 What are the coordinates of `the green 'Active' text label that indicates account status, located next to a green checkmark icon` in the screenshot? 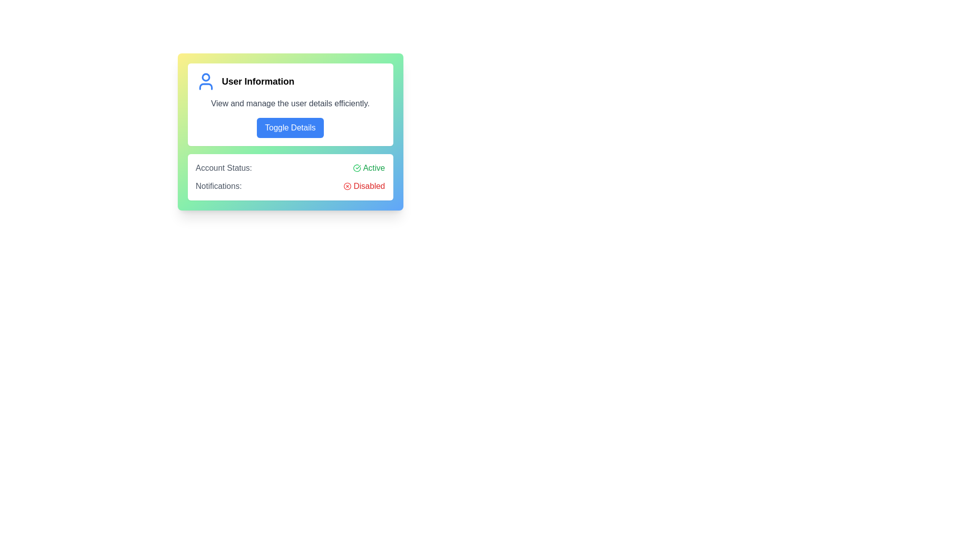 It's located at (373, 168).